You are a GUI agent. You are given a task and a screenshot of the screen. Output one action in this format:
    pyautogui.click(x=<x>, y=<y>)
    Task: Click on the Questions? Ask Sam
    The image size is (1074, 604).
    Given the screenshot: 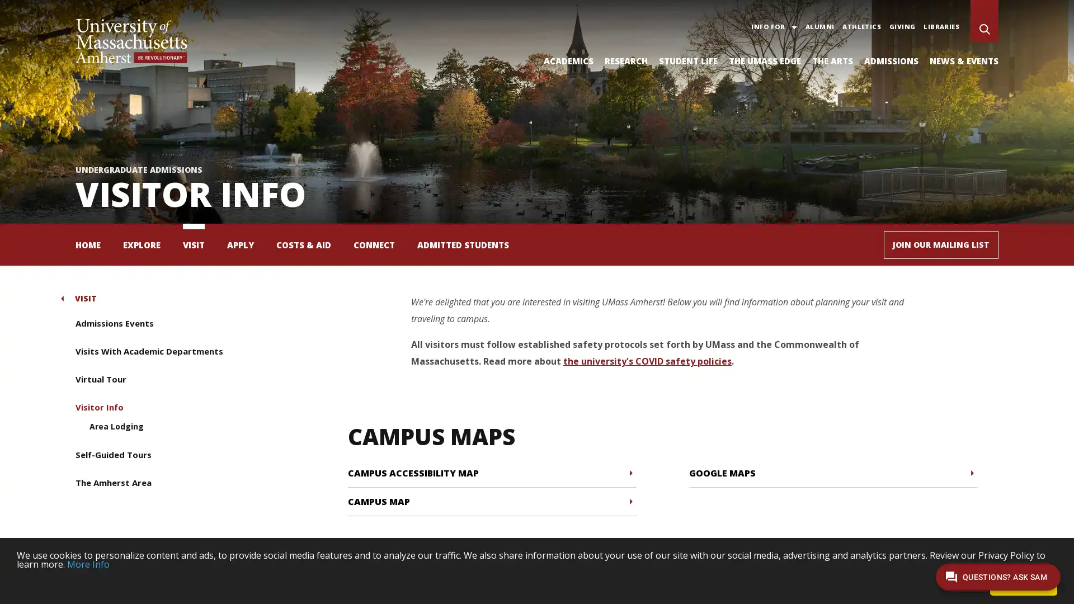 What is the action you would take?
    pyautogui.click(x=998, y=577)
    